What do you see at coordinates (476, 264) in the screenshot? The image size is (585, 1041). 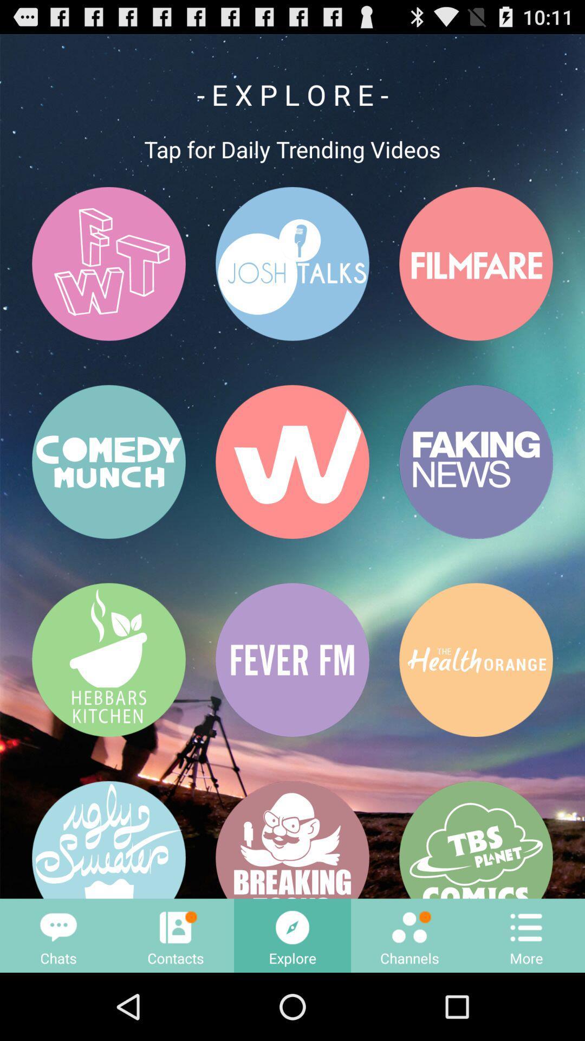 I see `the image having filmfare option` at bounding box center [476, 264].